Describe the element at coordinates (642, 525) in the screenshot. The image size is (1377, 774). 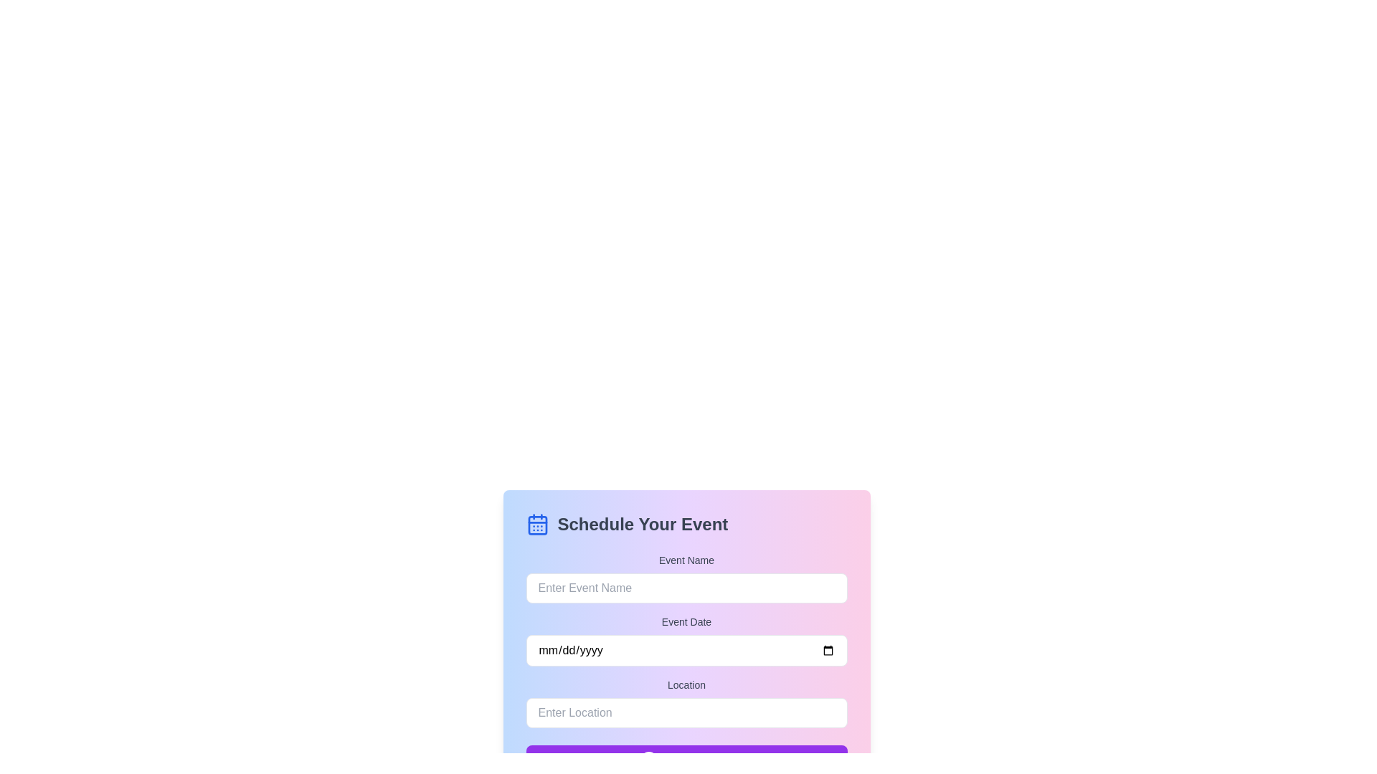
I see `header text that says 'Schedule Your Event', which is prominently displayed in bold dark gray font on a gradient blue and pink background, located at the center top of the form` at that location.